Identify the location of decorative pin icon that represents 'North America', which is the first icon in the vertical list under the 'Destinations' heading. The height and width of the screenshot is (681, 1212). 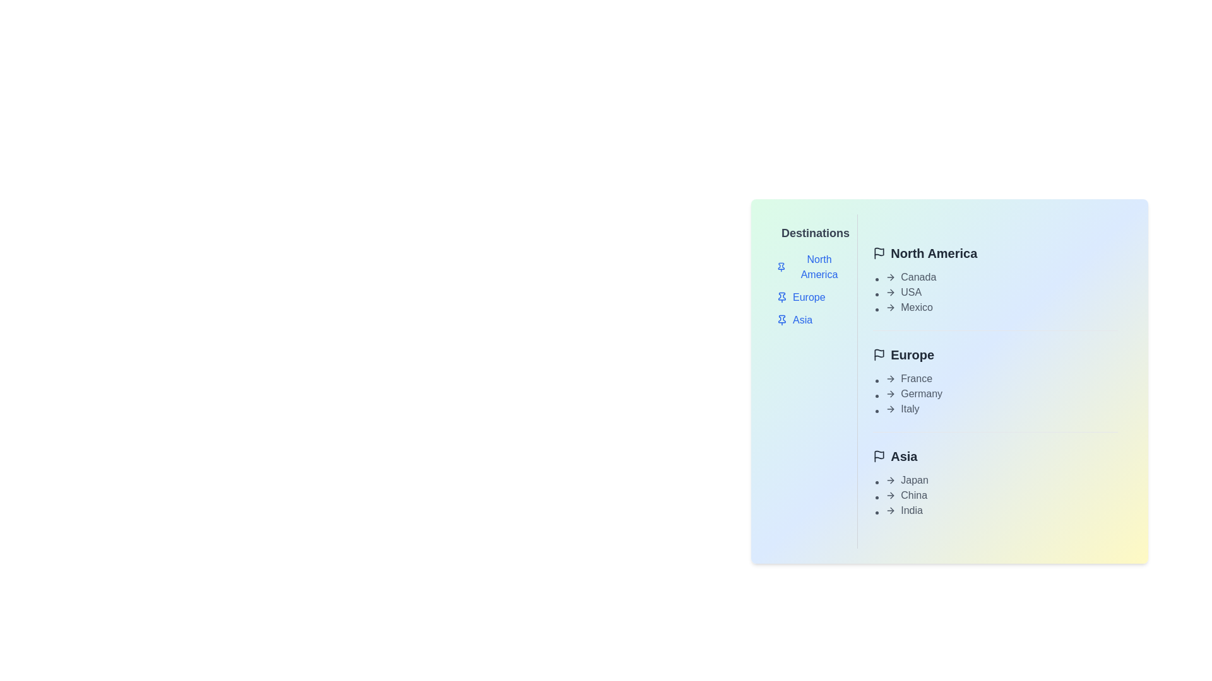
(780, 265).